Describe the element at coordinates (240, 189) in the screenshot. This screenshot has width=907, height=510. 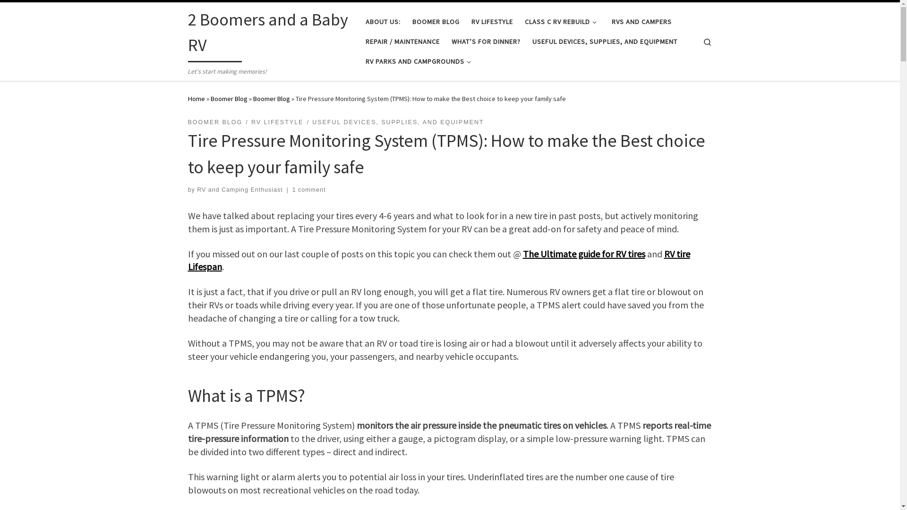
I see `'RV and Camping Enthusiast'` at that location.